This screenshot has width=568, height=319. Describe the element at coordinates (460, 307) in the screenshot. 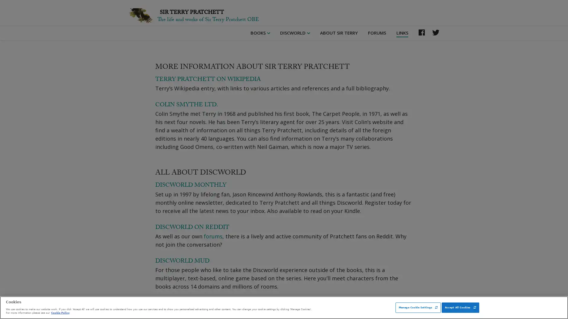

I see `Accept All Cookies` at that location.